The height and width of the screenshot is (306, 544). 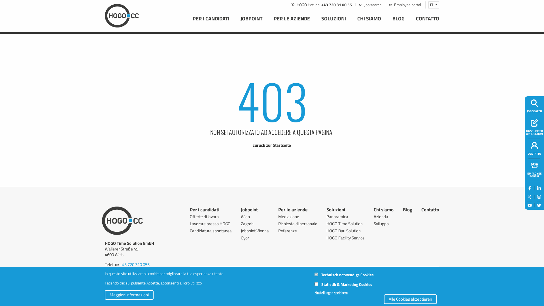 What do you see at coordinates (529, 188) in the screenshot?
I see `'Facebook'` at bounding box center [529, 188].